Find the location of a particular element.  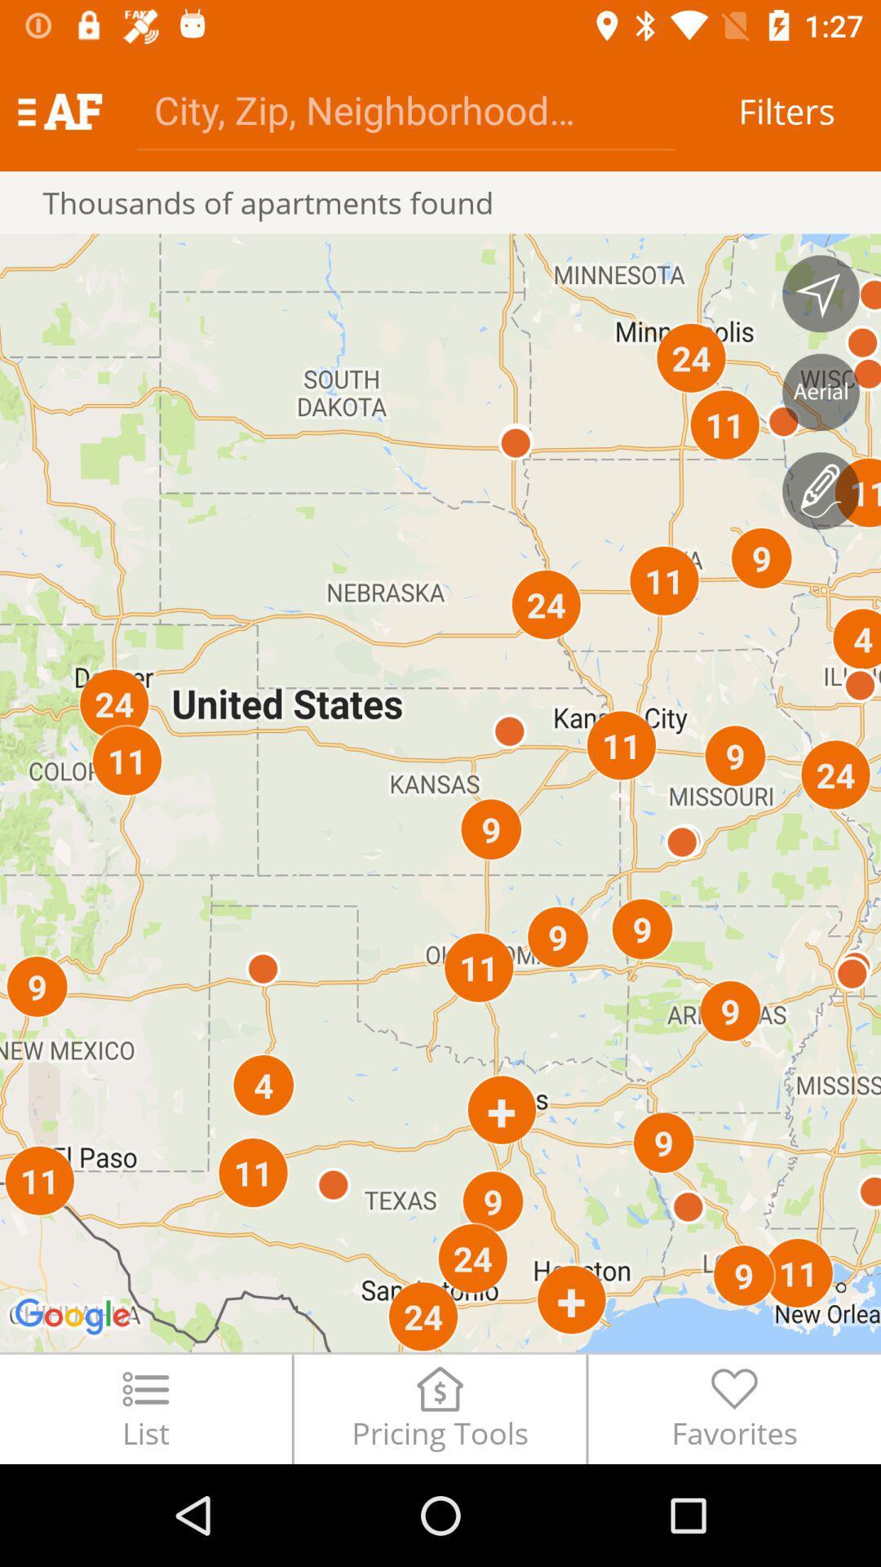

the pricing tools item is located at coordinates (439, 1408).